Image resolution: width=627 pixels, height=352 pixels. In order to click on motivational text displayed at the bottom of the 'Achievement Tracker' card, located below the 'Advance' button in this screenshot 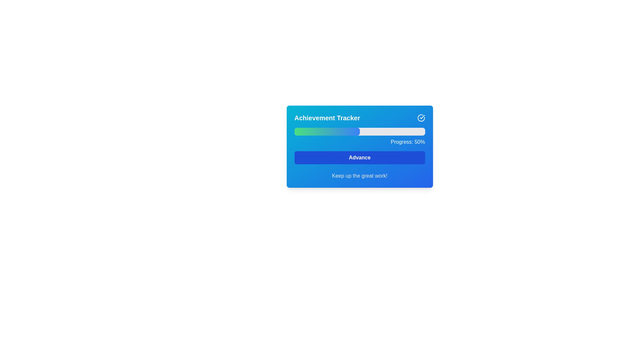, I will do `click(359, 176)`.